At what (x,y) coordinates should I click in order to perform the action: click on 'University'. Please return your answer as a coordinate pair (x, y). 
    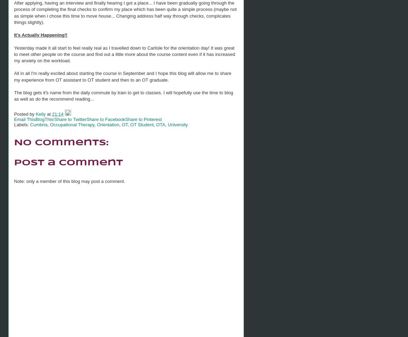
    Looking at the image, I should click on (177, 124).